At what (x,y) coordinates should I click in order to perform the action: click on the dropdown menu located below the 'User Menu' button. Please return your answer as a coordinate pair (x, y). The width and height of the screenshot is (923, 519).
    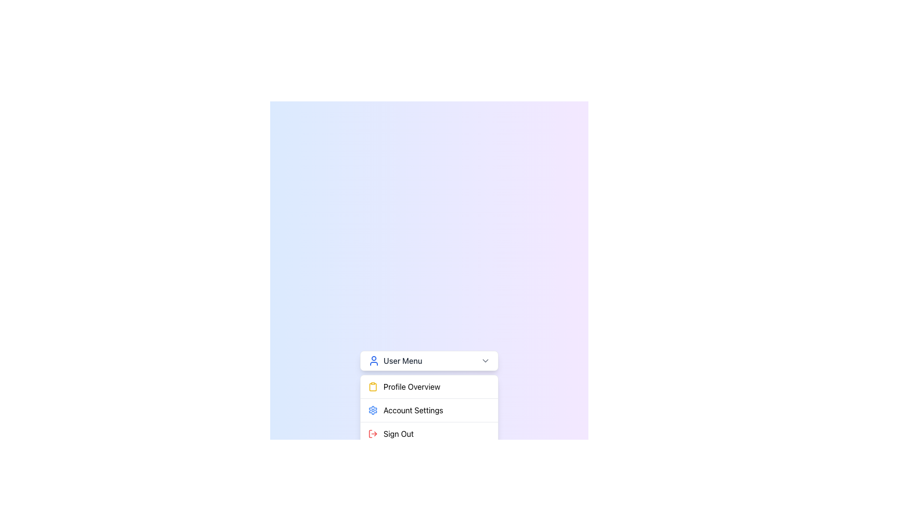
    Looking at the image, I should click on (428, 410).